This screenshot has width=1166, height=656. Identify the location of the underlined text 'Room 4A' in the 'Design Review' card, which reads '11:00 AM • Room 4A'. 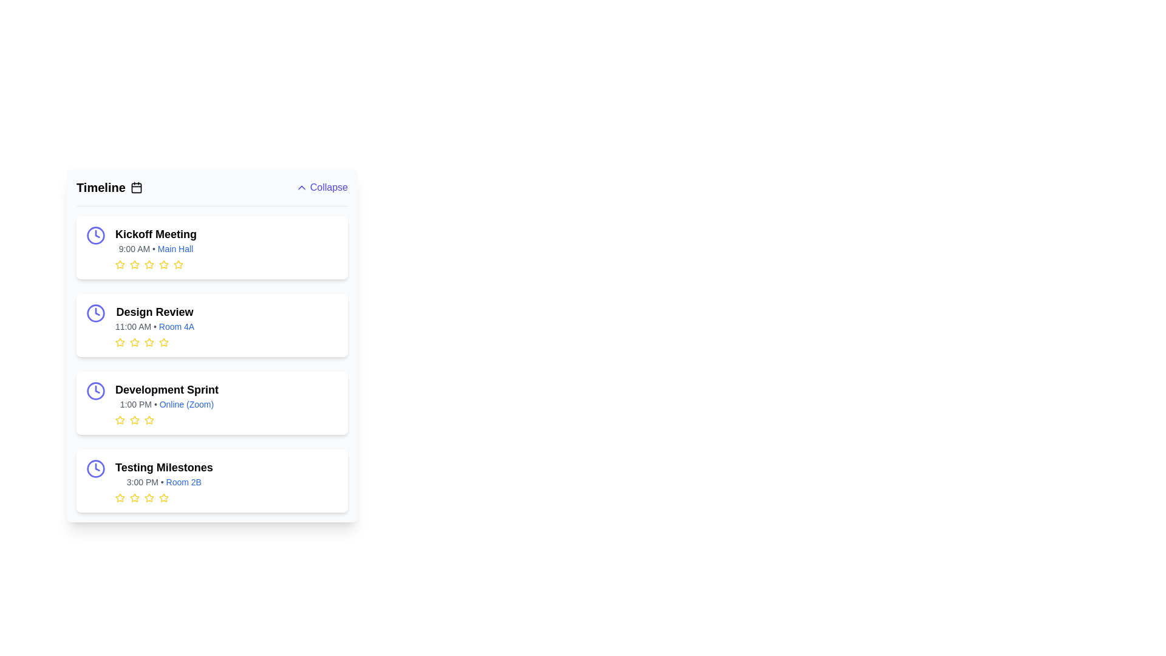
(154, 326).